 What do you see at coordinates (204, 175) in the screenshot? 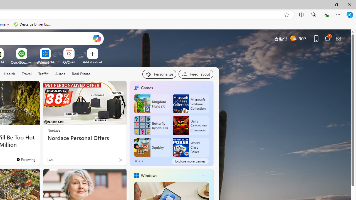
I see `'More options'` at bounding box center [204, 175].